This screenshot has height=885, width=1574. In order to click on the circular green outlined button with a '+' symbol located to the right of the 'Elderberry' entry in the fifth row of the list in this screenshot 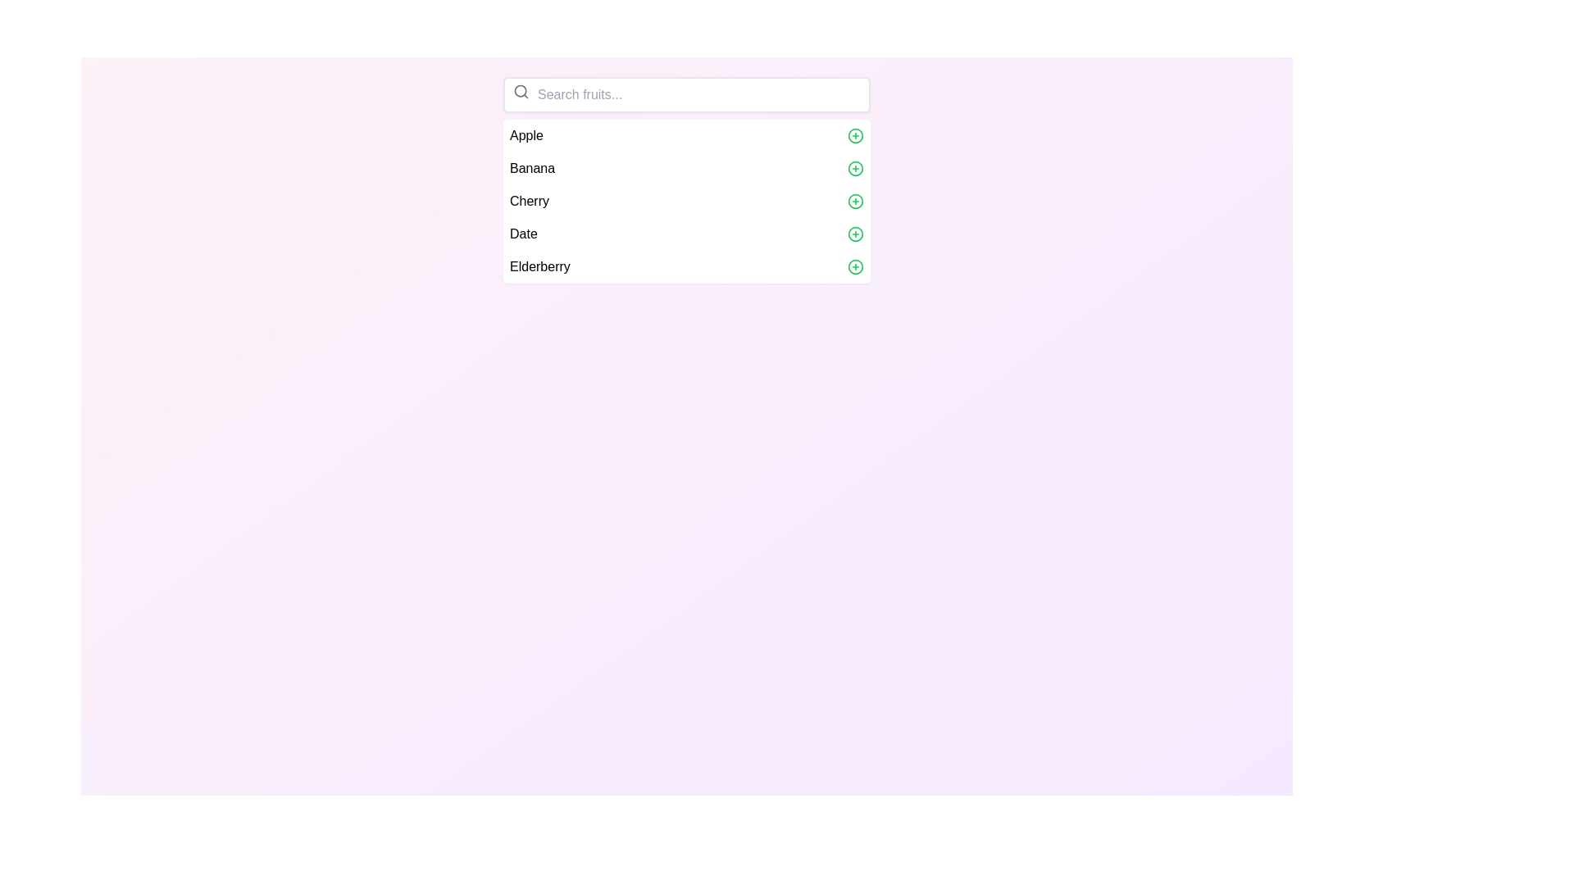, I will do `click(854, 266)`.